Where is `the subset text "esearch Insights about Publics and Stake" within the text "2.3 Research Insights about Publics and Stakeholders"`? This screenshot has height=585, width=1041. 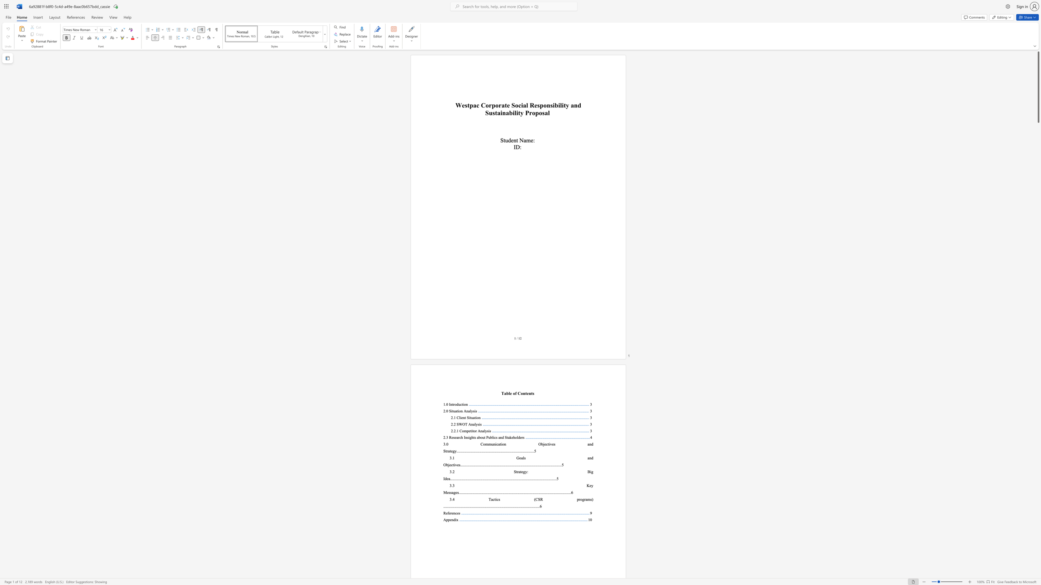
the subset text "esearch Insights about Publics and Stake" within the text "2.3 Research Insights about Publics and Stakeholders" is located at coordinates (451, 437).